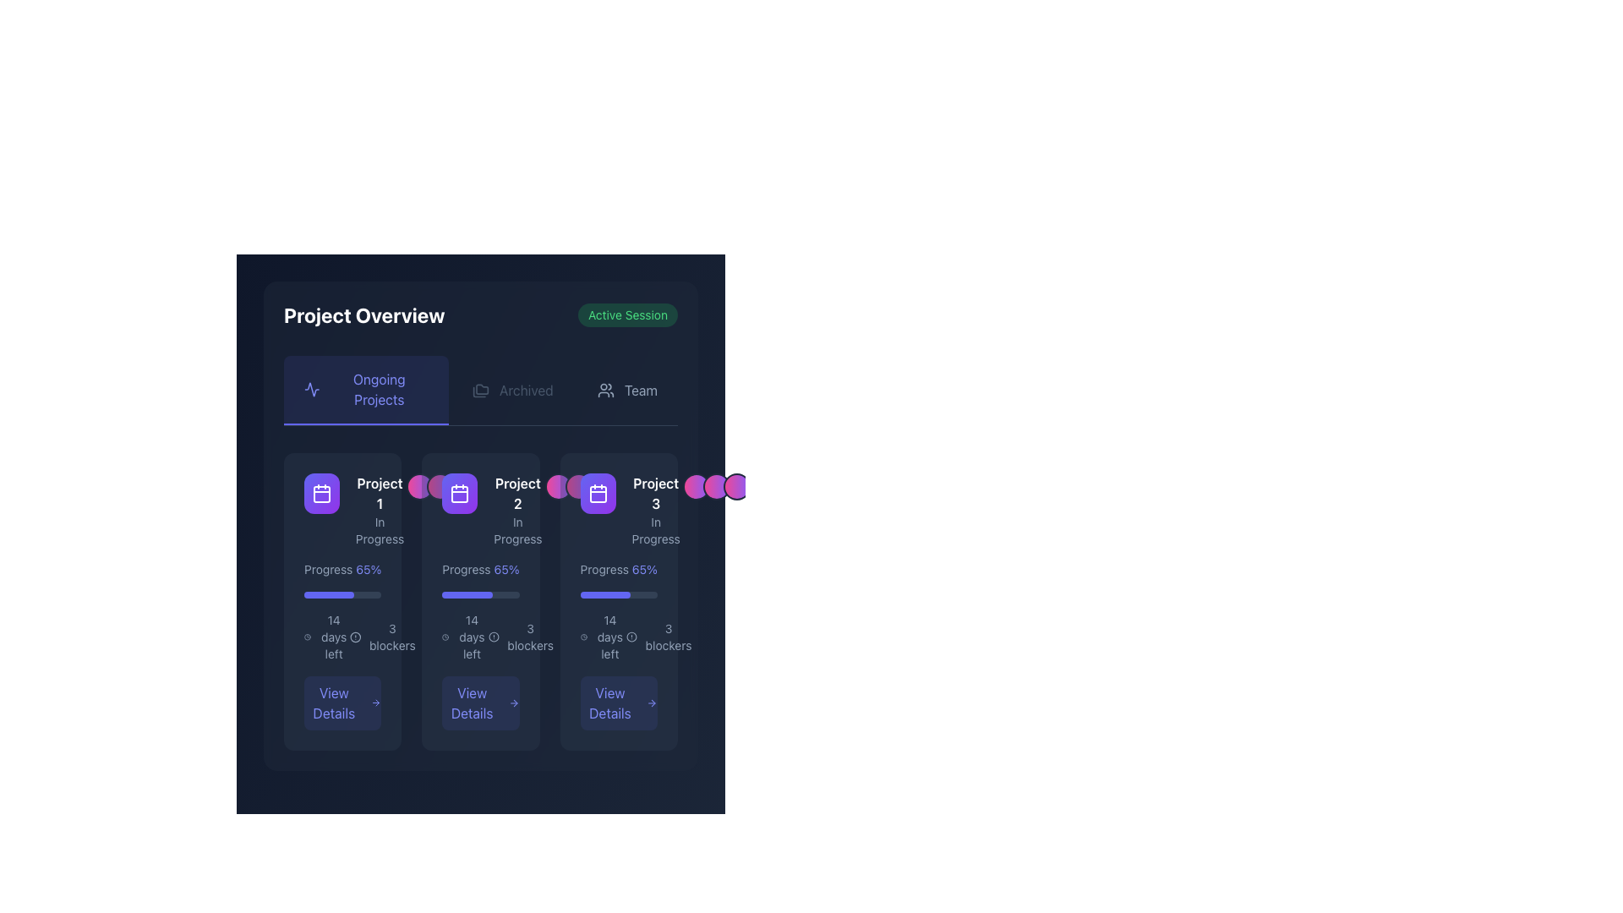 This screenshot has height=913, width=1623. What do you see at coordinates (604, 570) in the screenshot?
I see `the static text label indicating the progress status for 'Project 3', located above the progress percentage reading '65%.'` at bounding box center [604, 570].